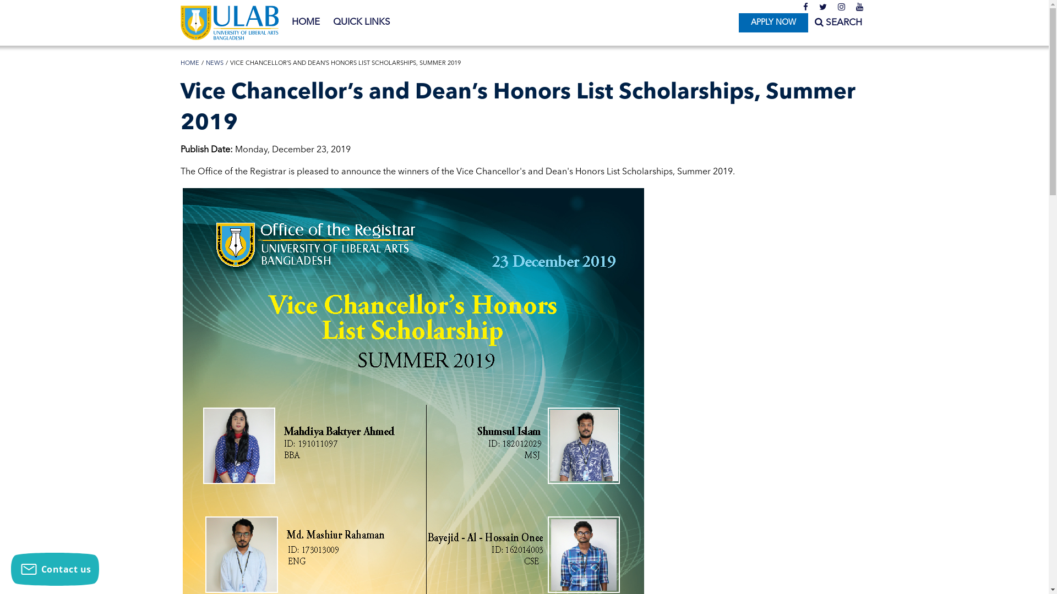 This screenshot has height=594, width=1057. Describe the element at coordinates (190, 63) in the screenshot. I see `'HOME'` at that location.